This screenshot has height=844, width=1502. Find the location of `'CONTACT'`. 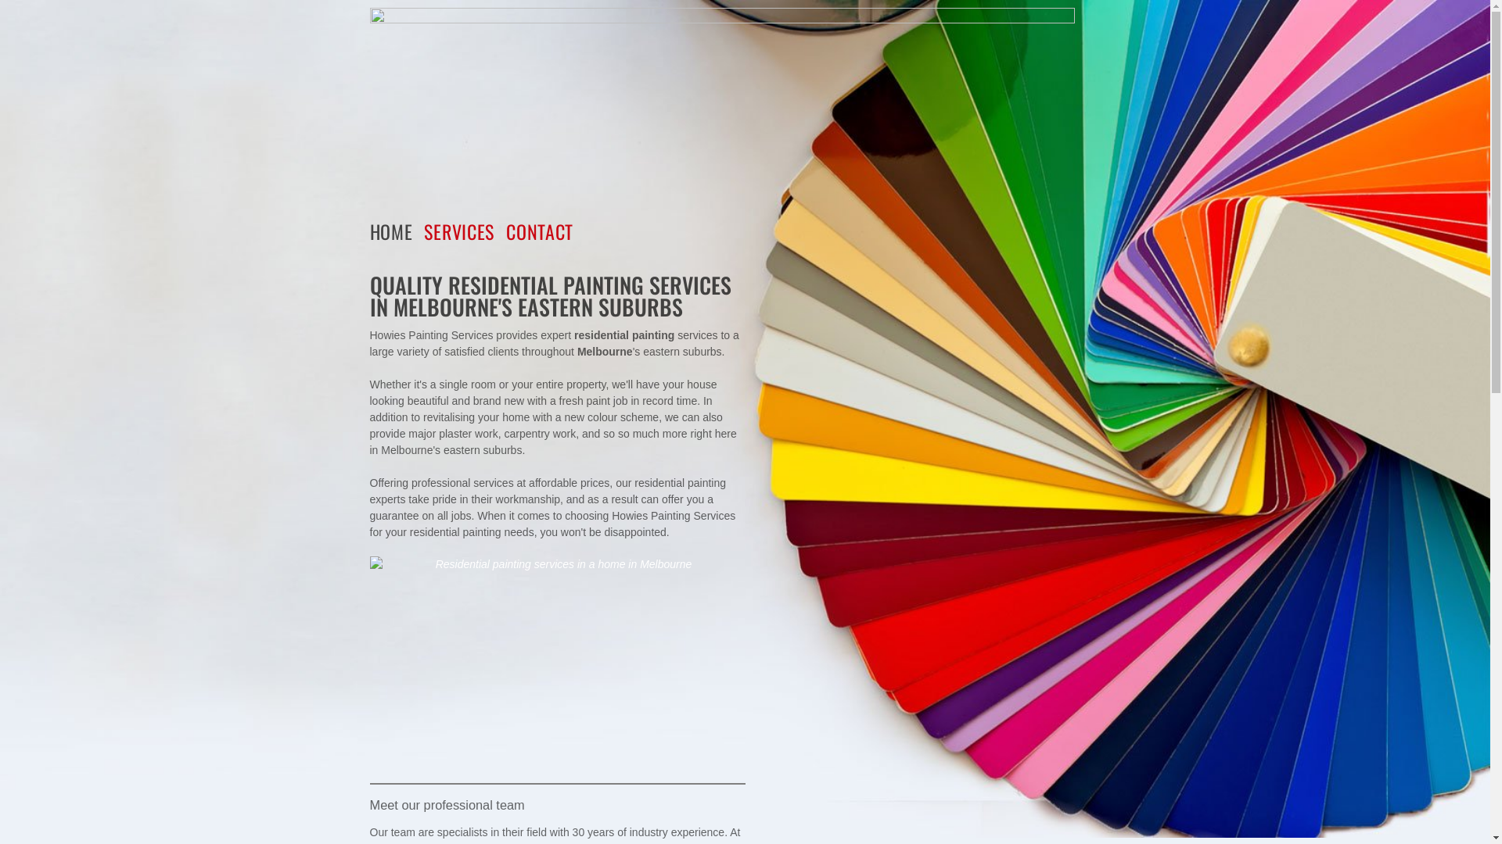

'CONTACT' is located at coordinates (545, 231).